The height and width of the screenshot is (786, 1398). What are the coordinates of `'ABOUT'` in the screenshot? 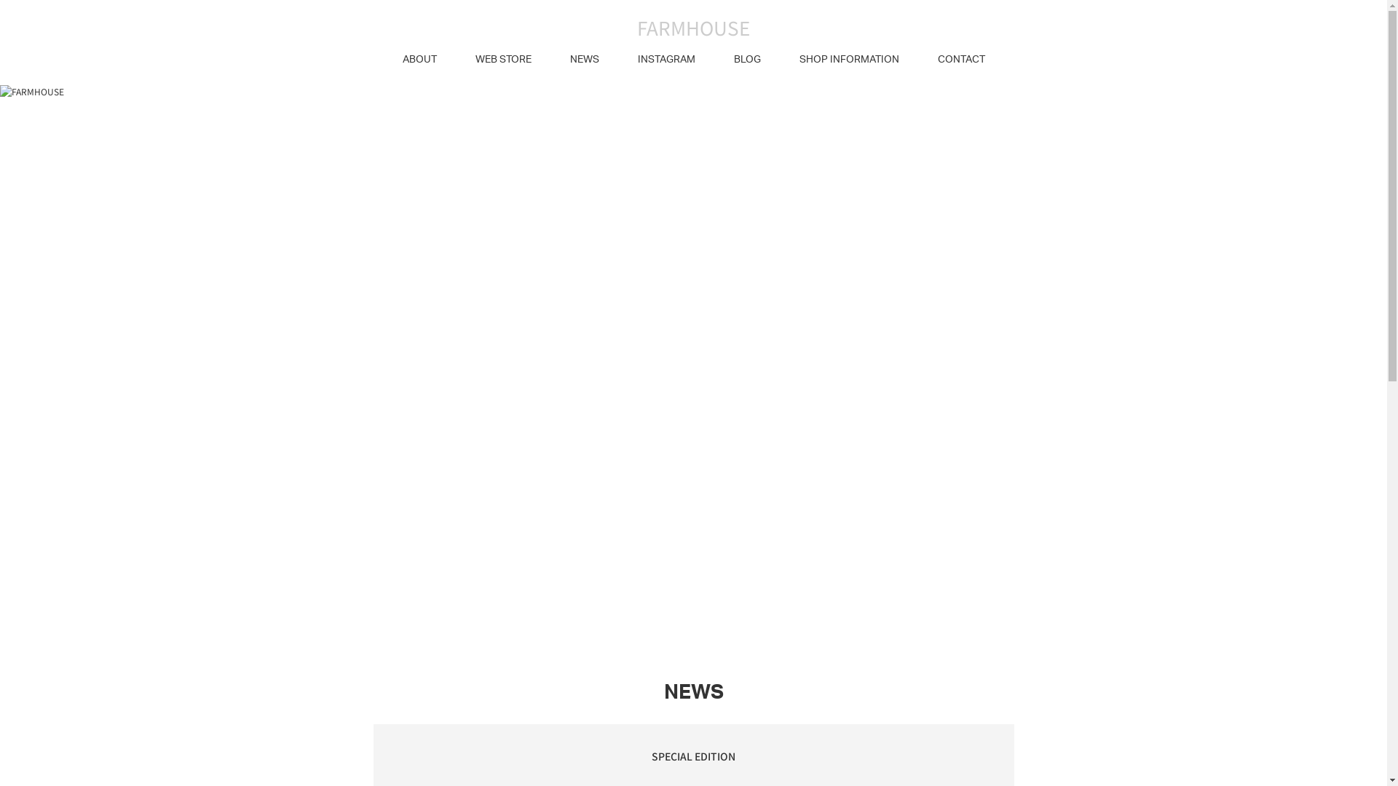 It's located at (418, 58).